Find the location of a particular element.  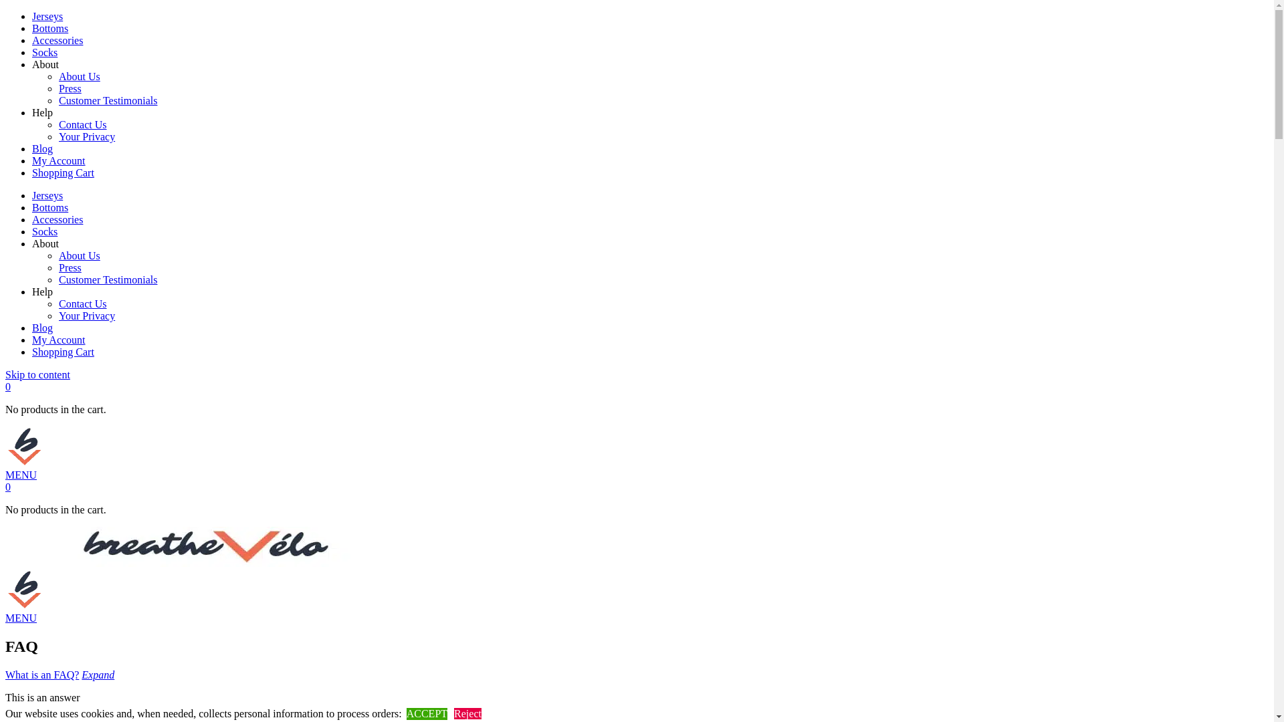

'Accessories' is located at coordinates (57, 219).